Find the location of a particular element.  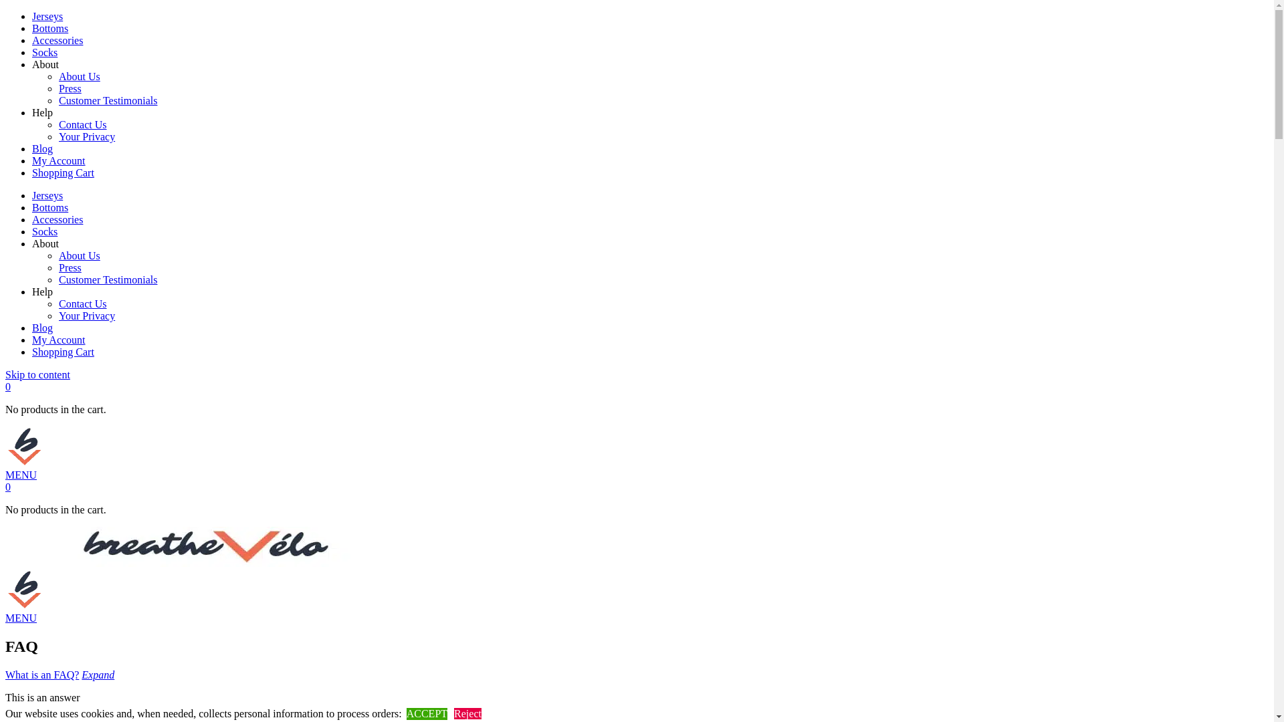

'Accessories' is located at coordinates (57, 219).